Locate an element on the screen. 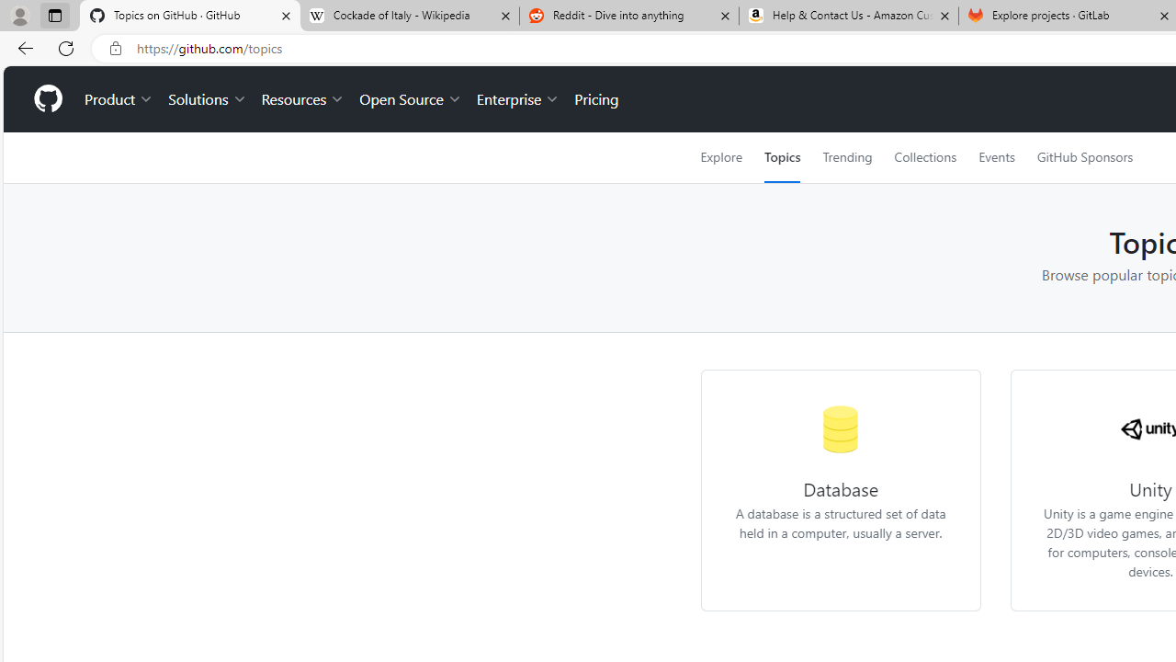 The image size is (1176, 662). 'Explore' is located at coordinates (720, 156).